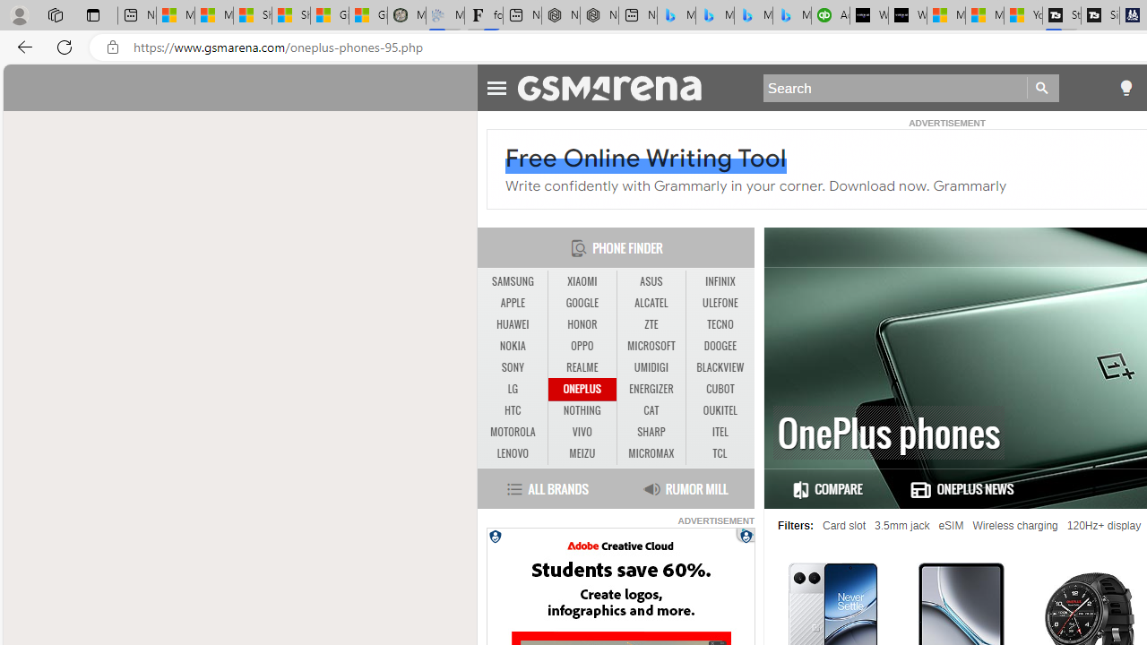 The height and width of the screenshot is (645, 1147). Describe the element at coordinates (645, 157) in the screenshot. I see `'Free Online Writing Tool'` at that location.